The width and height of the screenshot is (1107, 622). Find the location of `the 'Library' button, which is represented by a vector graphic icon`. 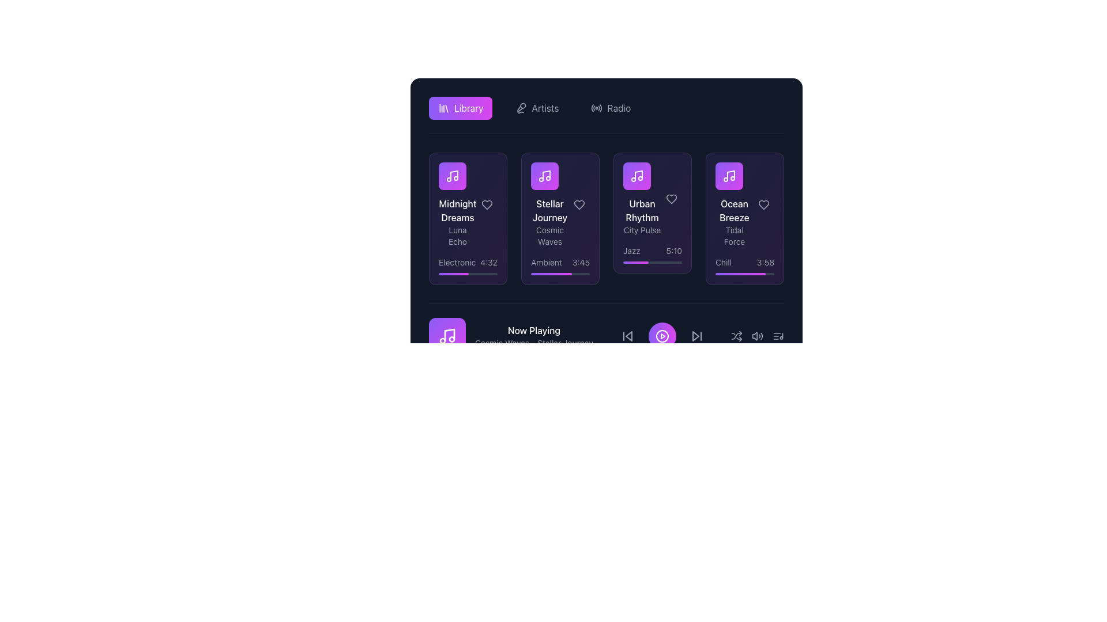

the 'Library' button, which is represented by a vector graphic icon is located at coordinates (443, 108).